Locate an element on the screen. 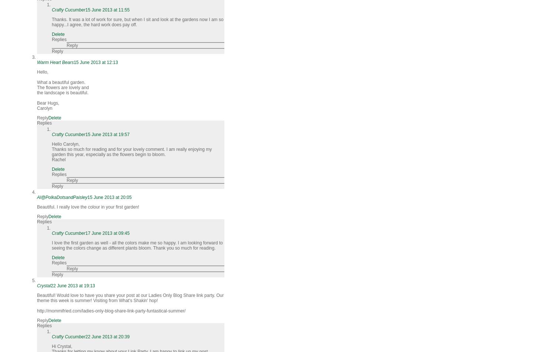  '15 June 2013 at 12:13' is located at coordinates (96, 62).